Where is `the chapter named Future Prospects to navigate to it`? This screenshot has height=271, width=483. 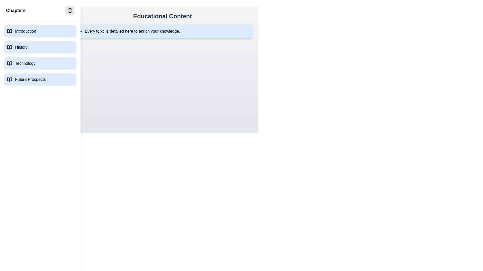 the chapter named Future Prospects to navigate to it is located at coordinates (40, 79).